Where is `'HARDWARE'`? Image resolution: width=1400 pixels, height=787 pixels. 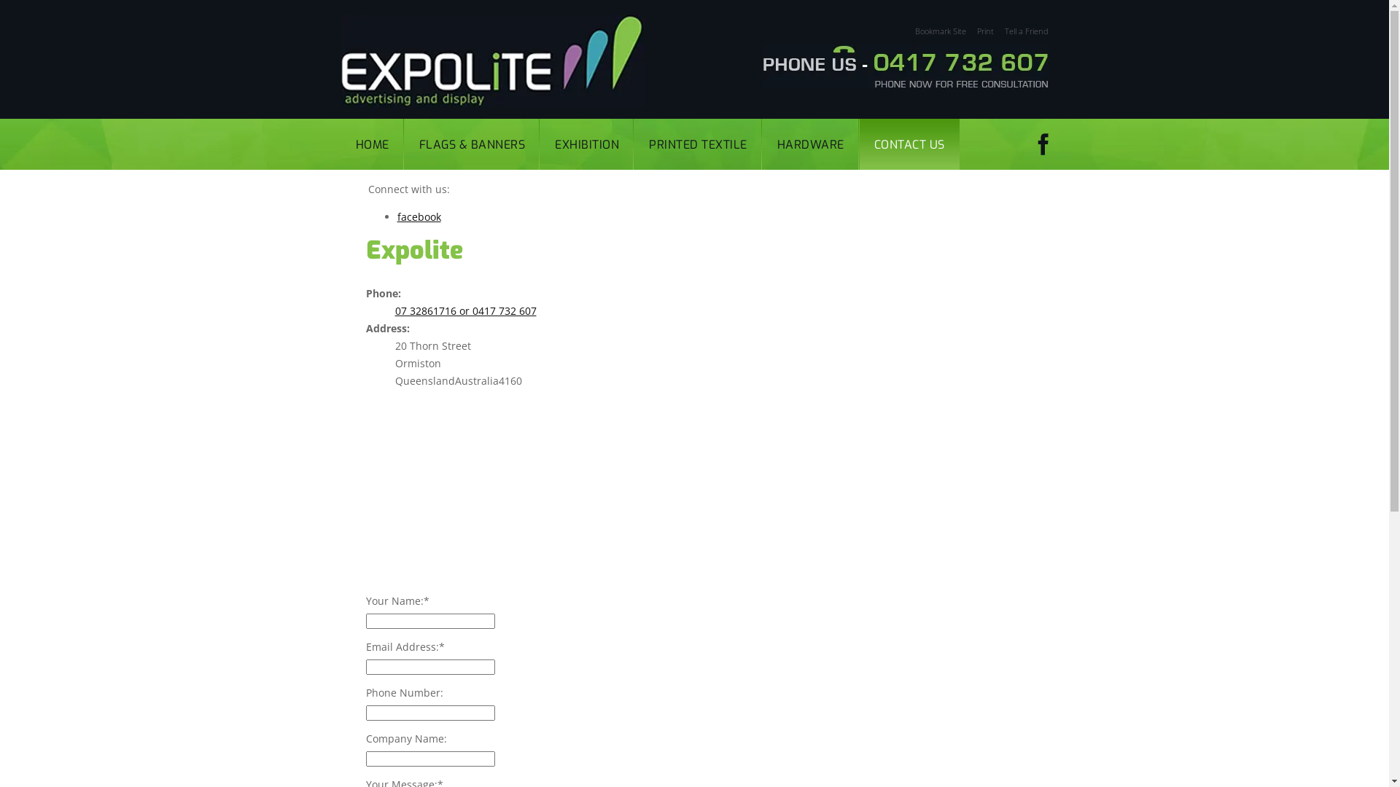 'HARDWARE' is located at coordinates (810, 144).